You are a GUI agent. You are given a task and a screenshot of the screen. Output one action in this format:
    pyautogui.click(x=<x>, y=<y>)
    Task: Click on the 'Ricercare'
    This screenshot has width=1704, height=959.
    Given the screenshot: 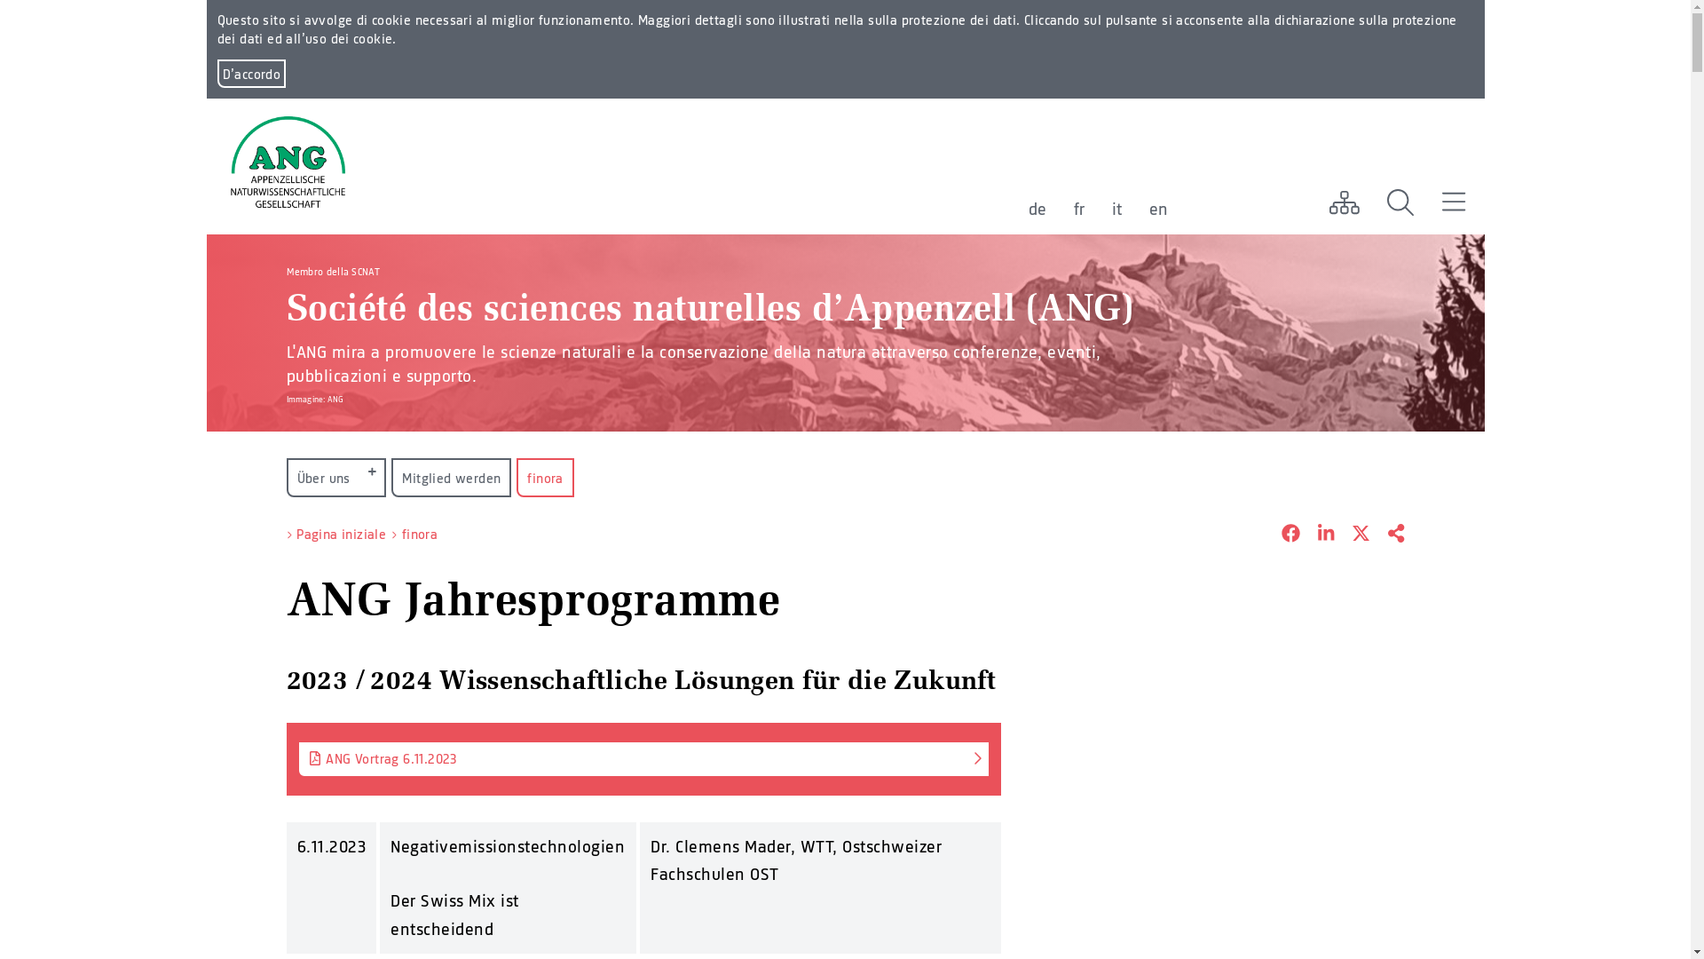 What is the action you would take?
    pyautogui.click(x=1400, y=201)
    